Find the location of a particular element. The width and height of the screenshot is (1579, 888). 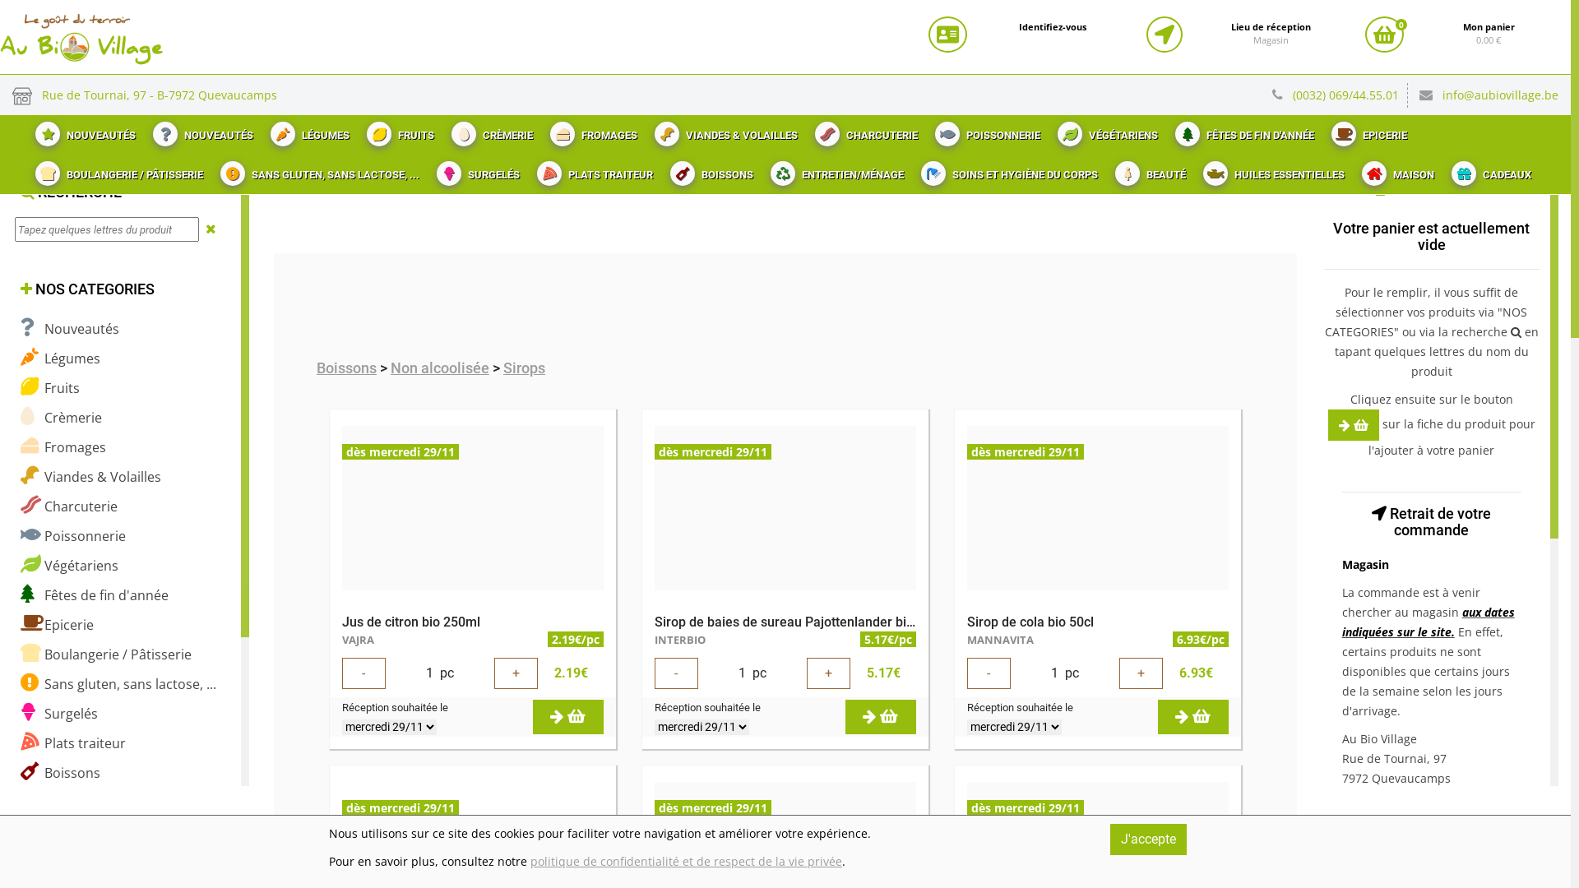

'CADEAUX' is located at coordinates (1489, 170).